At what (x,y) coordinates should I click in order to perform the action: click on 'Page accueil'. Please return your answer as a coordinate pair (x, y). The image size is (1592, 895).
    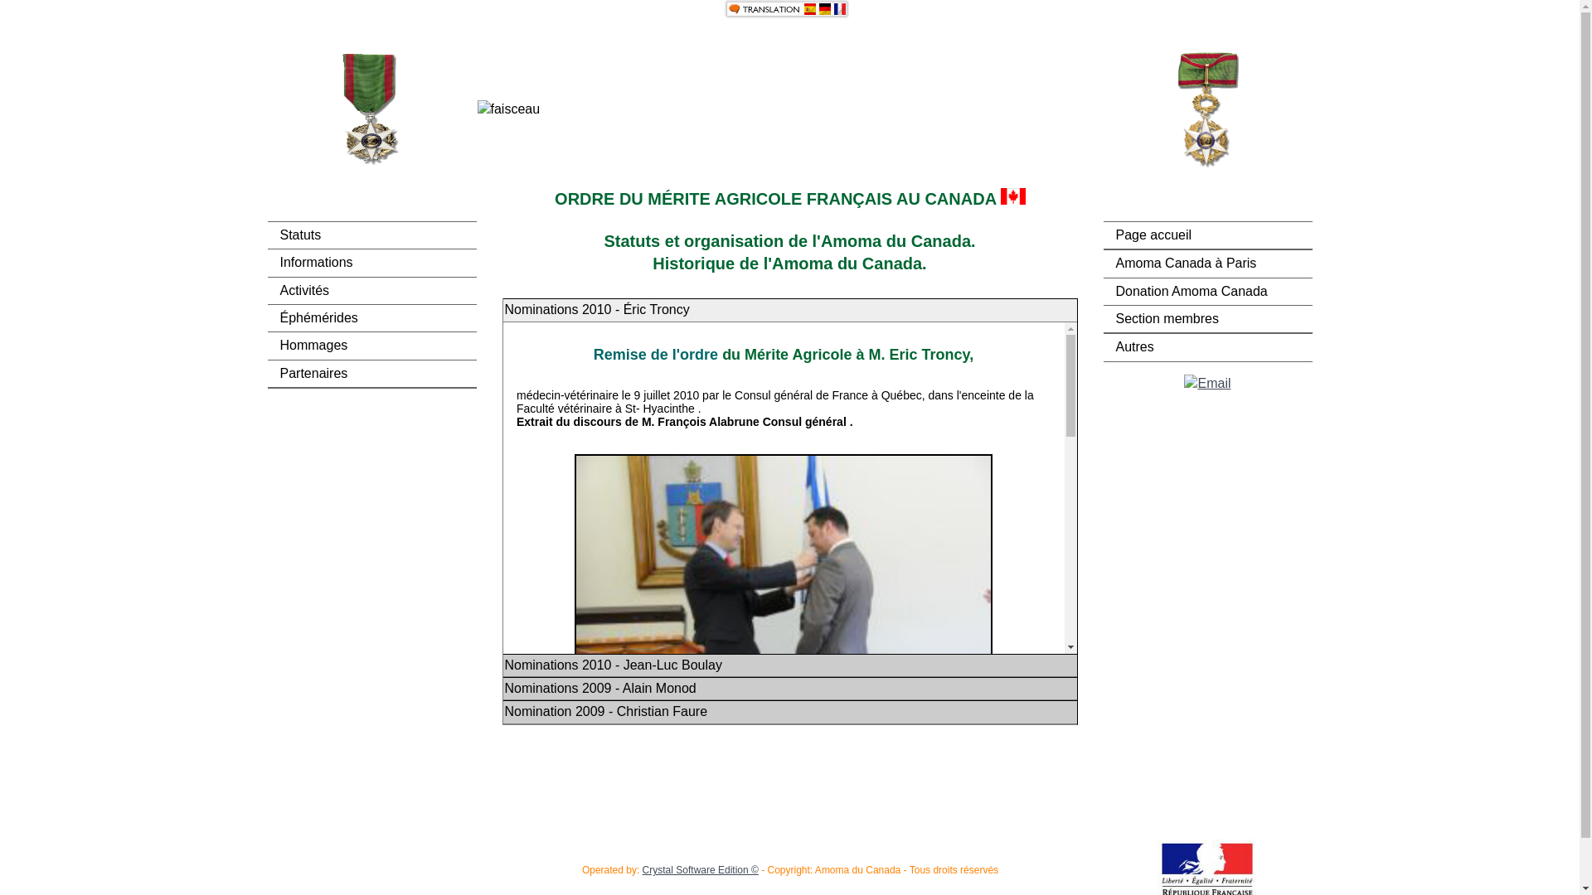
    Looking at the image, I should click on (1206, 235).